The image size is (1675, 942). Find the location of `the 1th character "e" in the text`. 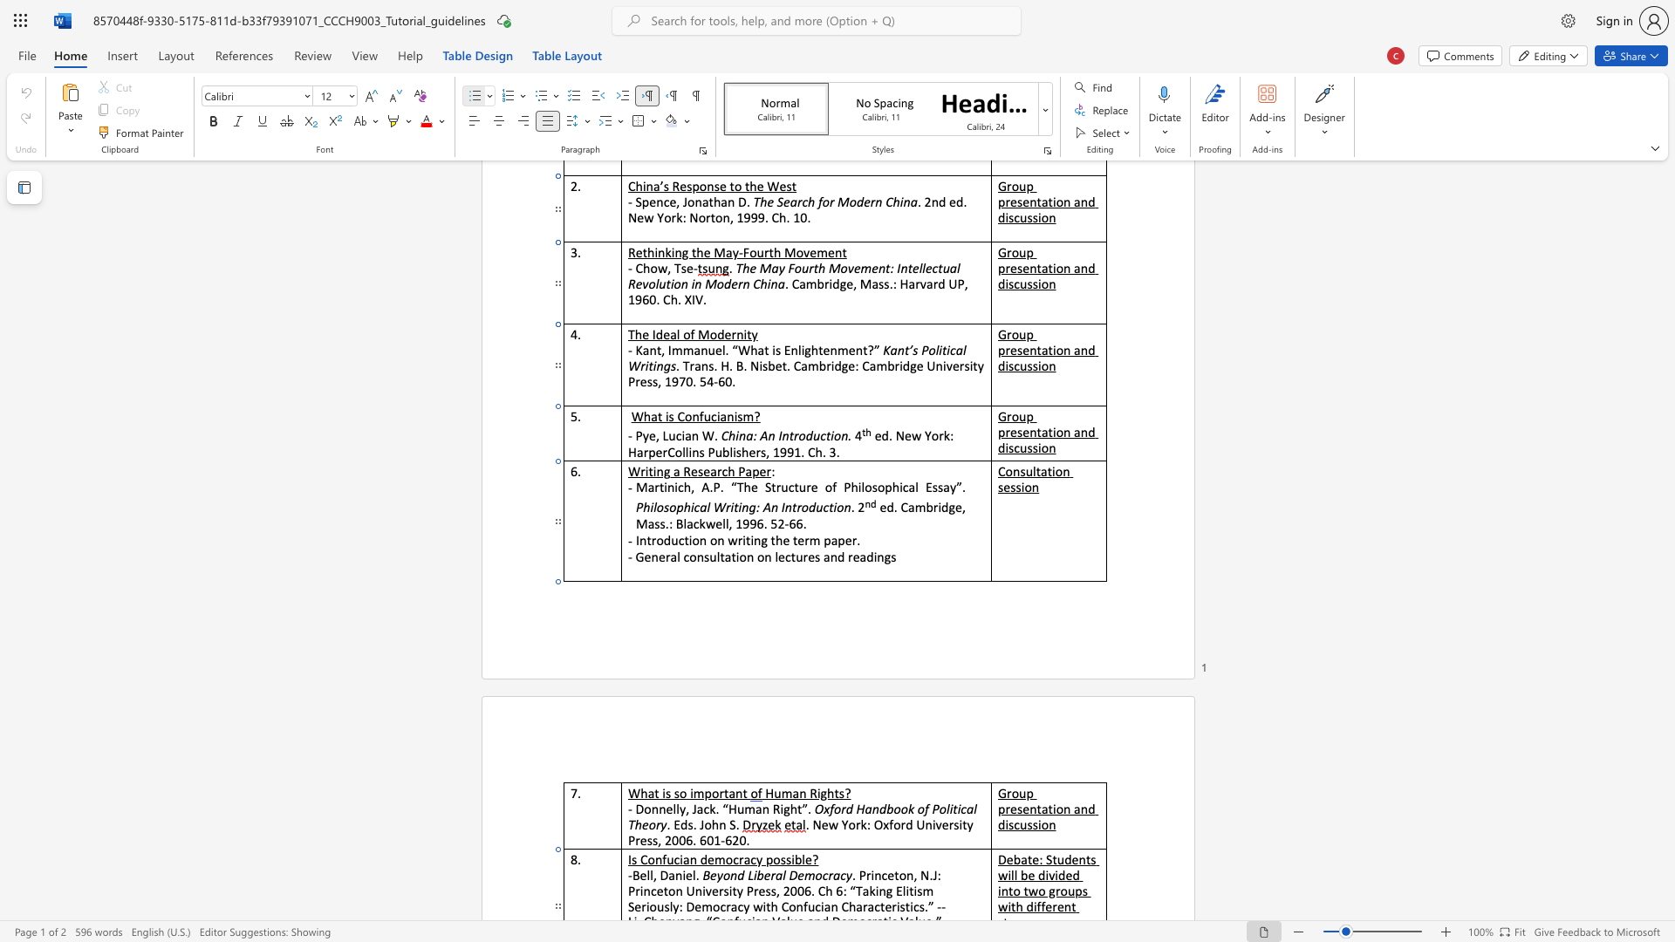

the 1th character "e" in the text is located at coordinates (785, 539).